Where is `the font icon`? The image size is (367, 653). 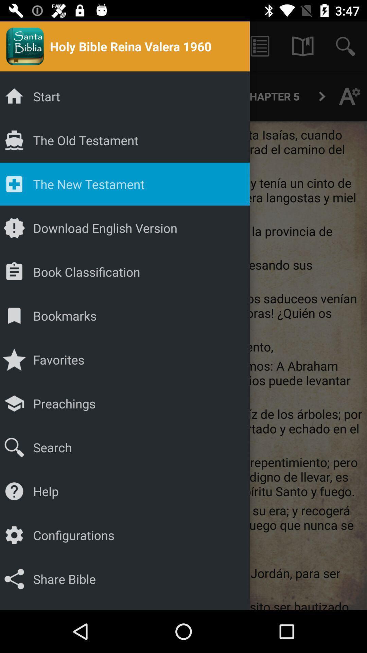 the font icon is located at coordinates (349, 96).